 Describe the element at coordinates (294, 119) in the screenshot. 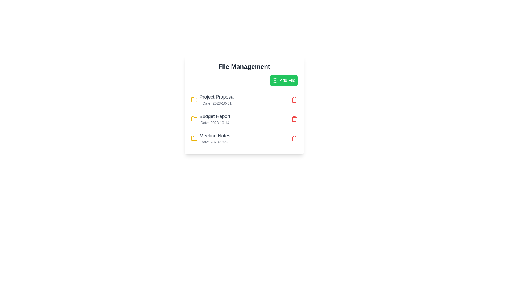

I see `the trash icon next to the file named Budget Report to delete it` at that location.